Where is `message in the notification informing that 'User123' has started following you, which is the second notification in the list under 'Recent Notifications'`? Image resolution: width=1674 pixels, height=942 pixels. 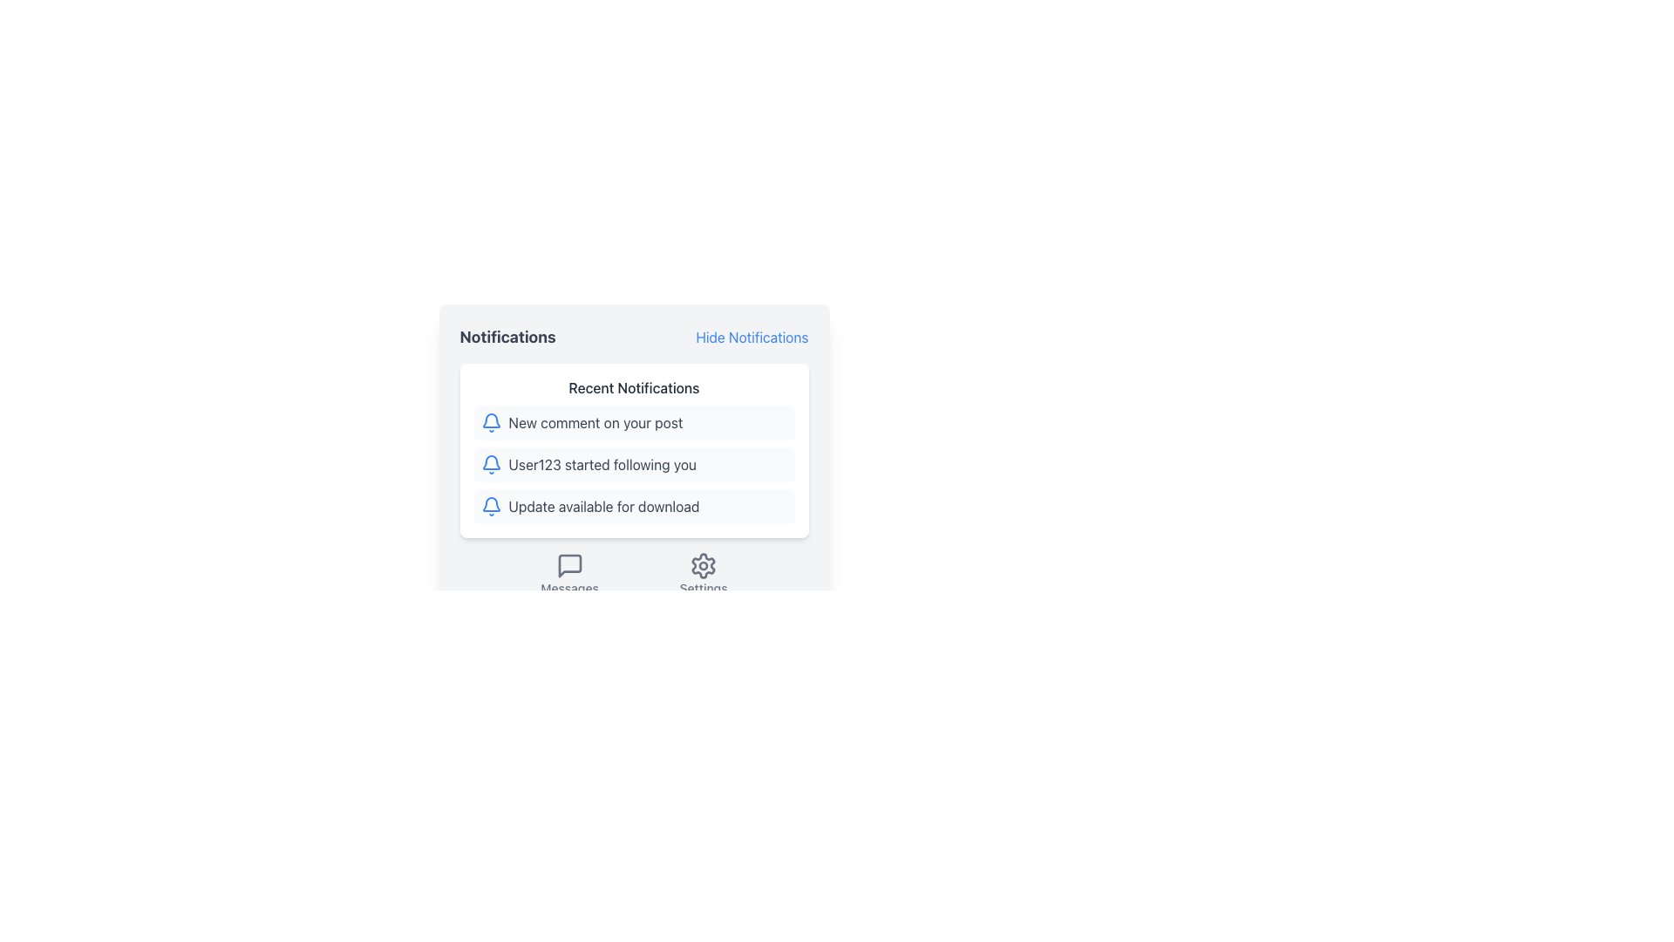
message in the notification informing that 'User123' has started following you, which is the second notification in the list under 'Recent Notifications' is located at coordinates (633, 463).